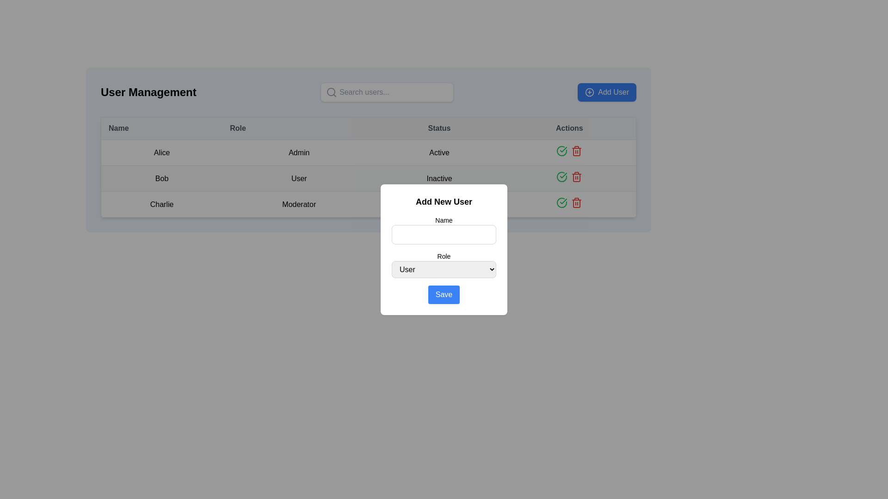  I want to click on the second row in the user management table that contains details about the user named 'Bob', so click(368, 178).